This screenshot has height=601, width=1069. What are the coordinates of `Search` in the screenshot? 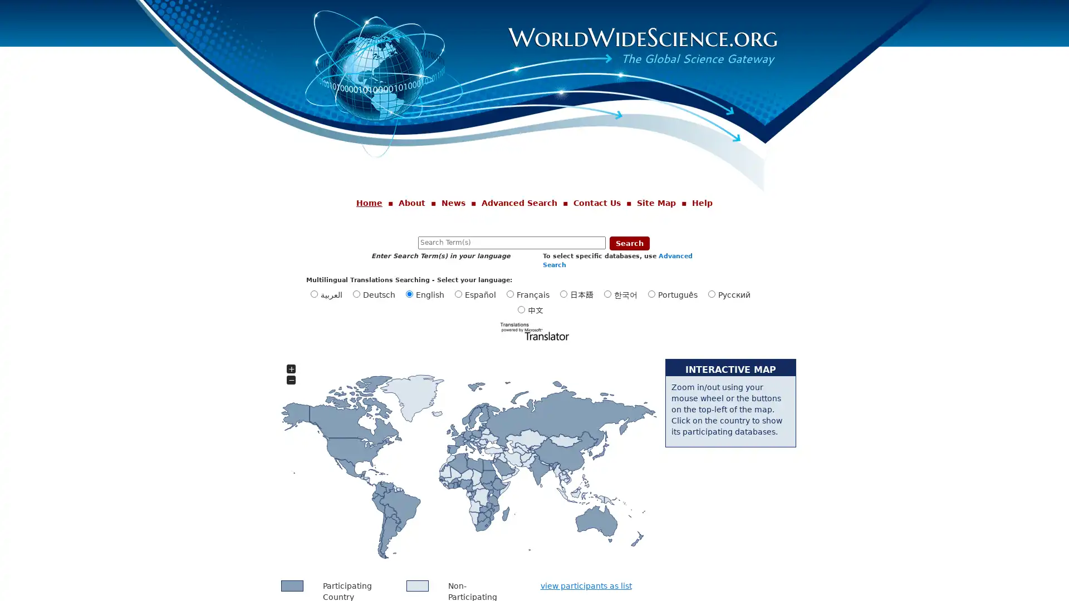 It's located at (629, 243).